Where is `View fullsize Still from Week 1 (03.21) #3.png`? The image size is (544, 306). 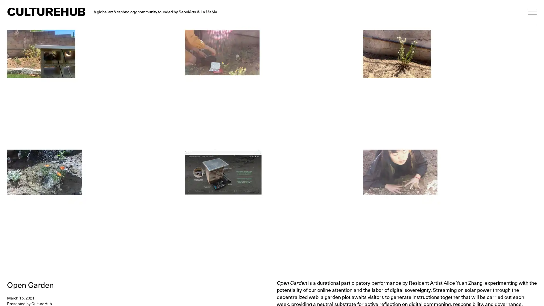
View fullsize Still from Week 1 (03.21) #3.png is located at coordinates (449, 207).